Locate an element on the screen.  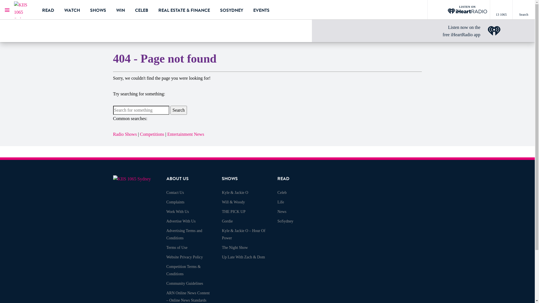
'The Night Show' is located at coordinates (221, 247).